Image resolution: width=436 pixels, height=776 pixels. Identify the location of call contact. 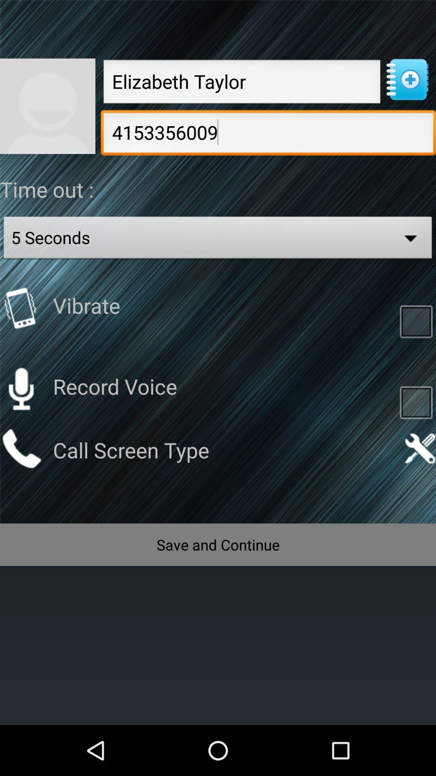
(21, 448).